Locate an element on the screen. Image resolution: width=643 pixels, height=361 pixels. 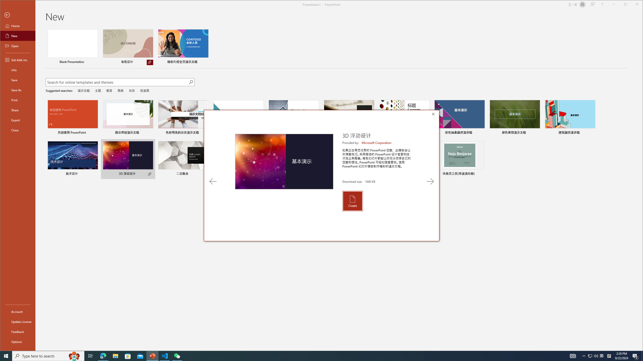
'Create' is located at coordinates (352, 201).